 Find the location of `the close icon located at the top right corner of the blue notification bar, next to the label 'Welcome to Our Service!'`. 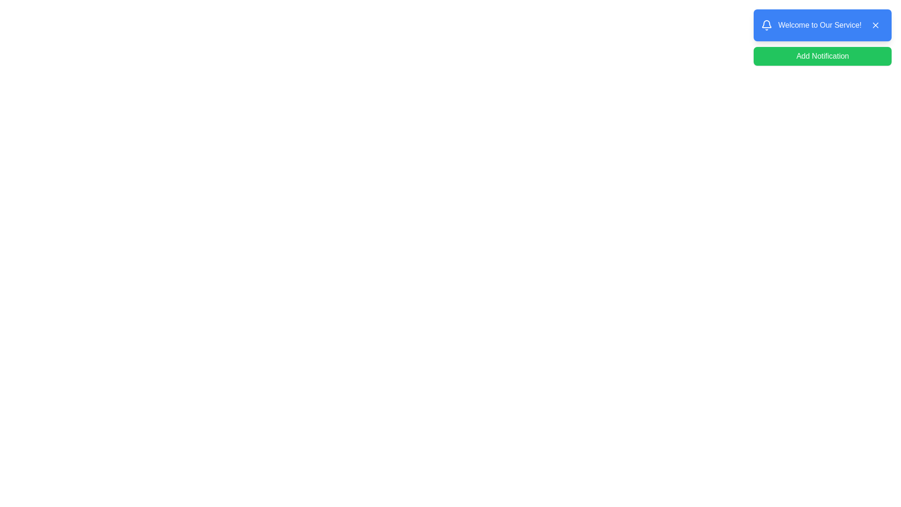

the close icon located at the top right corner of the blue notification bar, next to the label 'Welcome to Our Service!' is located at coordinates (875, 25).